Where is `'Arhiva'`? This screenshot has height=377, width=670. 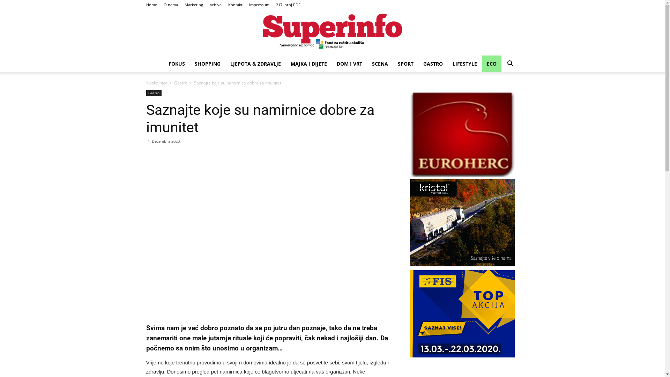 'Arhiva' is located at coordinates (215, 5).